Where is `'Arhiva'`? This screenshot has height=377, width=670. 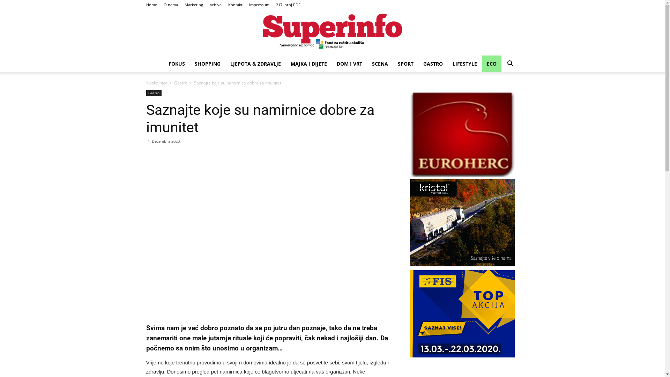 'Arhiva' is located at coordinates (215, 5).